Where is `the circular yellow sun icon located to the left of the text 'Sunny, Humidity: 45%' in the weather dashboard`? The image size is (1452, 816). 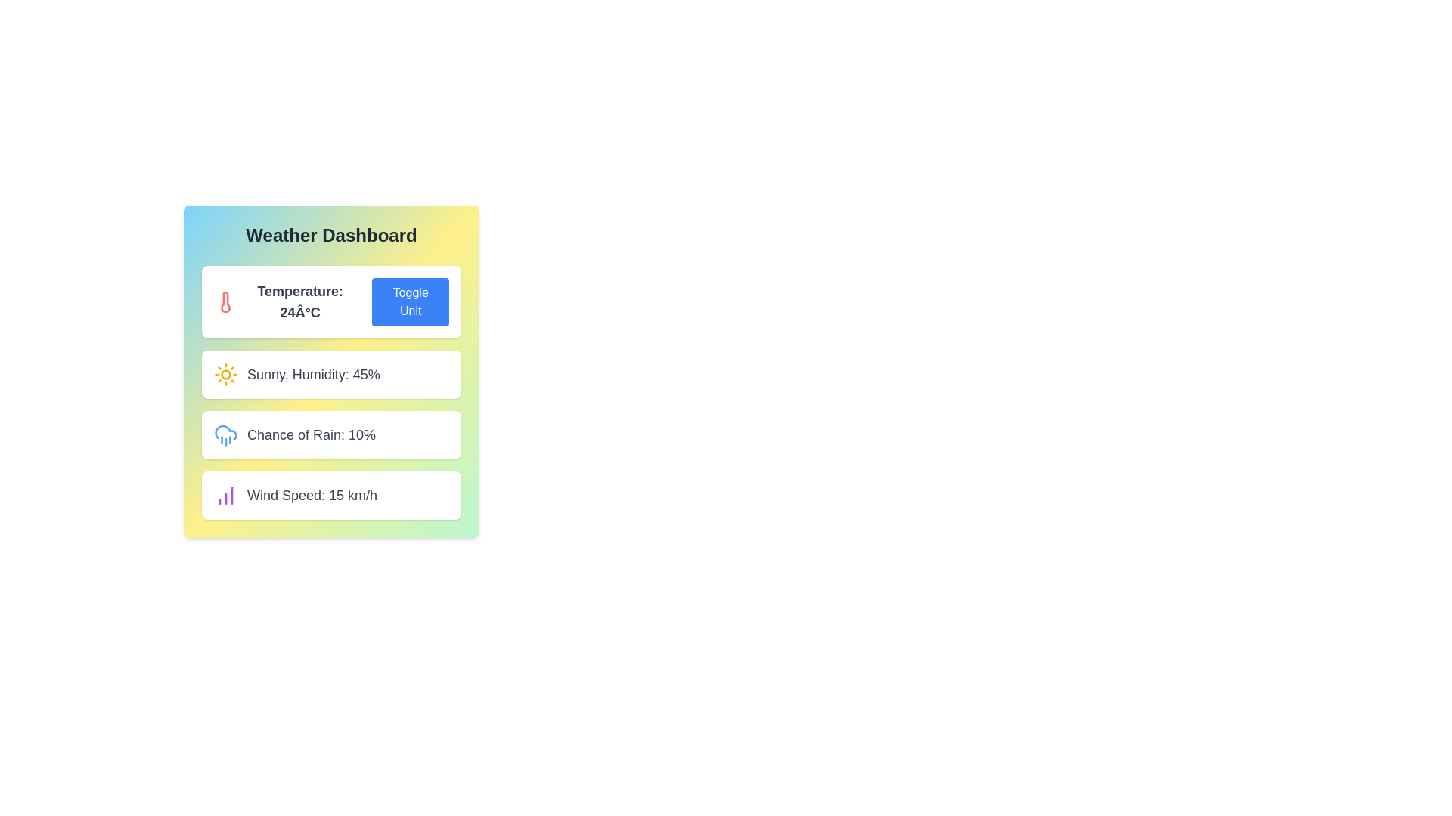 the circular yellow sun icon located to the left of the text 'Sunny, Humidity: 45%' in the weather dashboard is located at coordinates (225, 374).